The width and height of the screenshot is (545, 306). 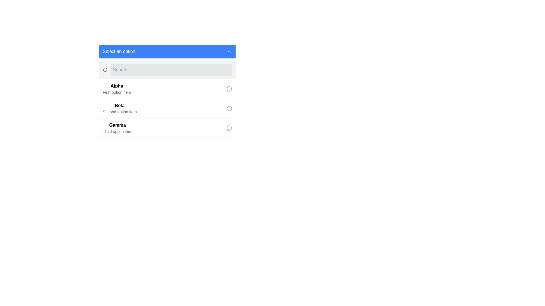 What do you see at coordinates (105, 69) in the screenshot?
I see `the search icon resembling a magnifying glass, which is positioned to the left of the search input field in the user search interface` at bounding box center [105, 69].